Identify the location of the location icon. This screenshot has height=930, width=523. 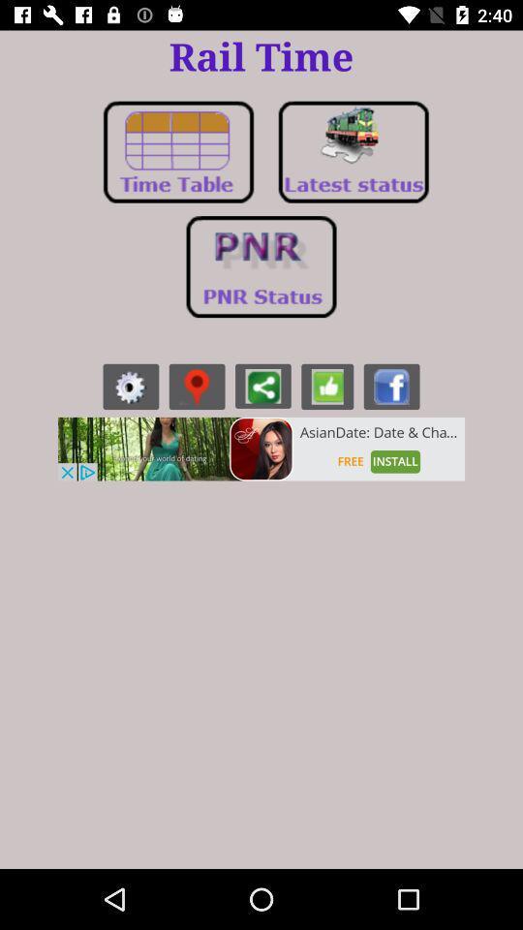
(196, 386).